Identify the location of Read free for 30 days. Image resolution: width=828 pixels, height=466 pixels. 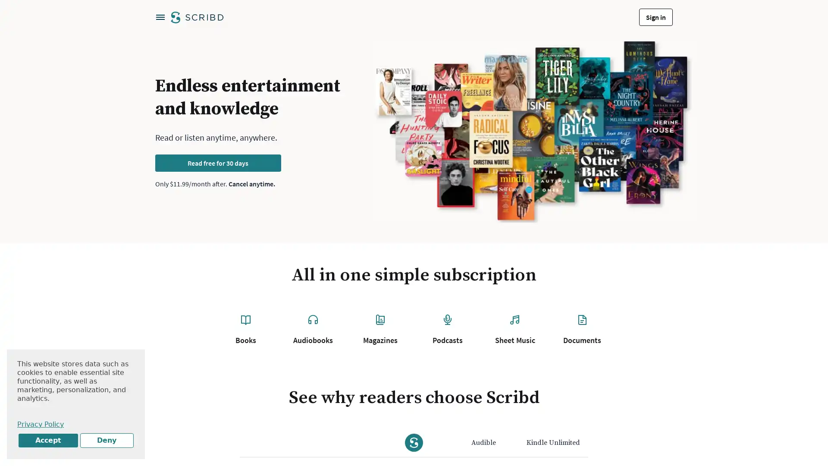
(218, 163).